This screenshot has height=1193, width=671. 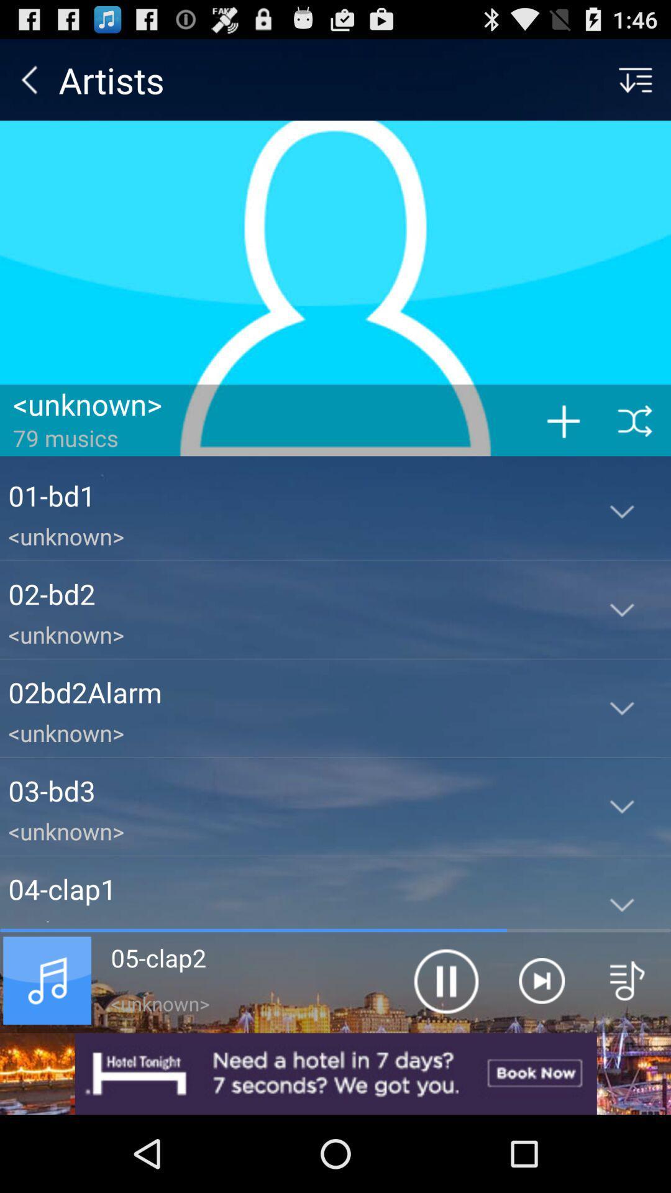 What do you see at coordinates (635, 85) in the screenshot?
I see `the filter_list icon` at bounding box center [635, 85].